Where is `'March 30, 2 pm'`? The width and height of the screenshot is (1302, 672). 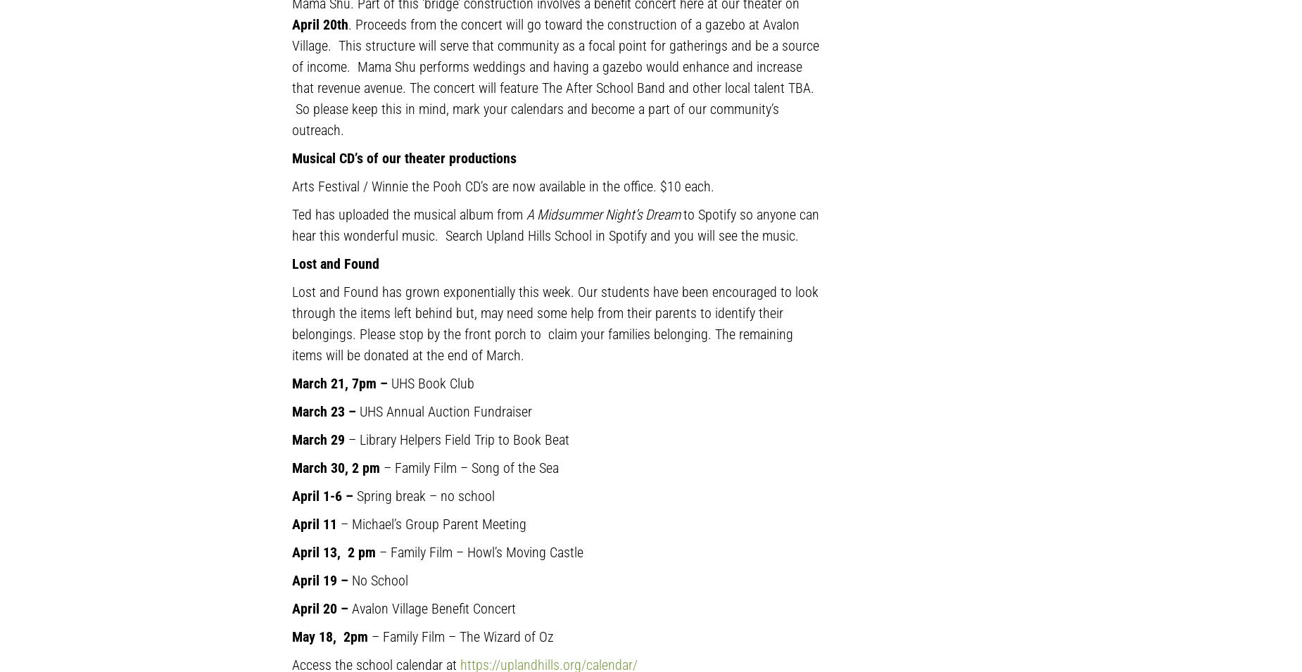 'March 30, 2 pm' is located at coordinates (336, 467).